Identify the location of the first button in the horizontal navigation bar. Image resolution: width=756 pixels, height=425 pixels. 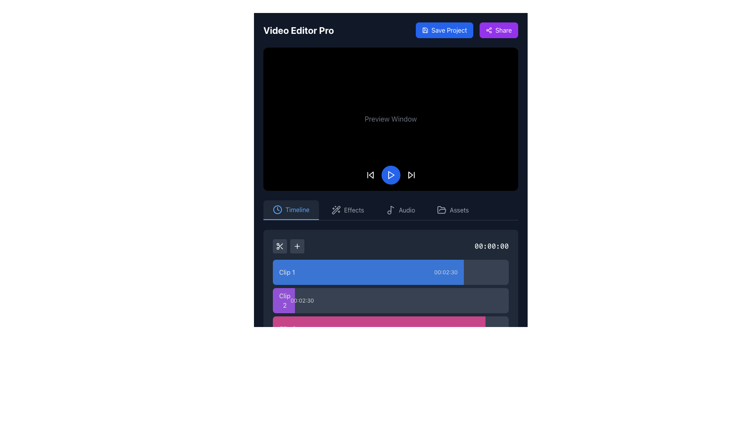
(291, 209).